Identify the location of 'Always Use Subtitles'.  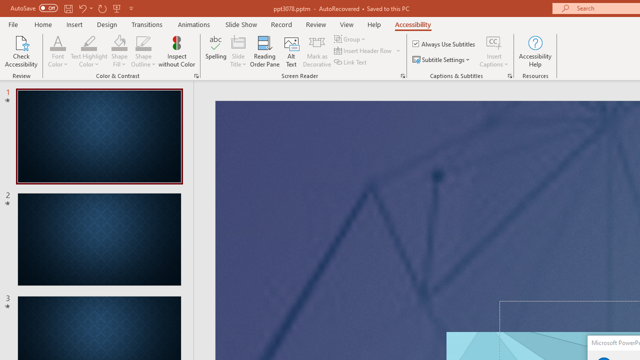
(444, 43).